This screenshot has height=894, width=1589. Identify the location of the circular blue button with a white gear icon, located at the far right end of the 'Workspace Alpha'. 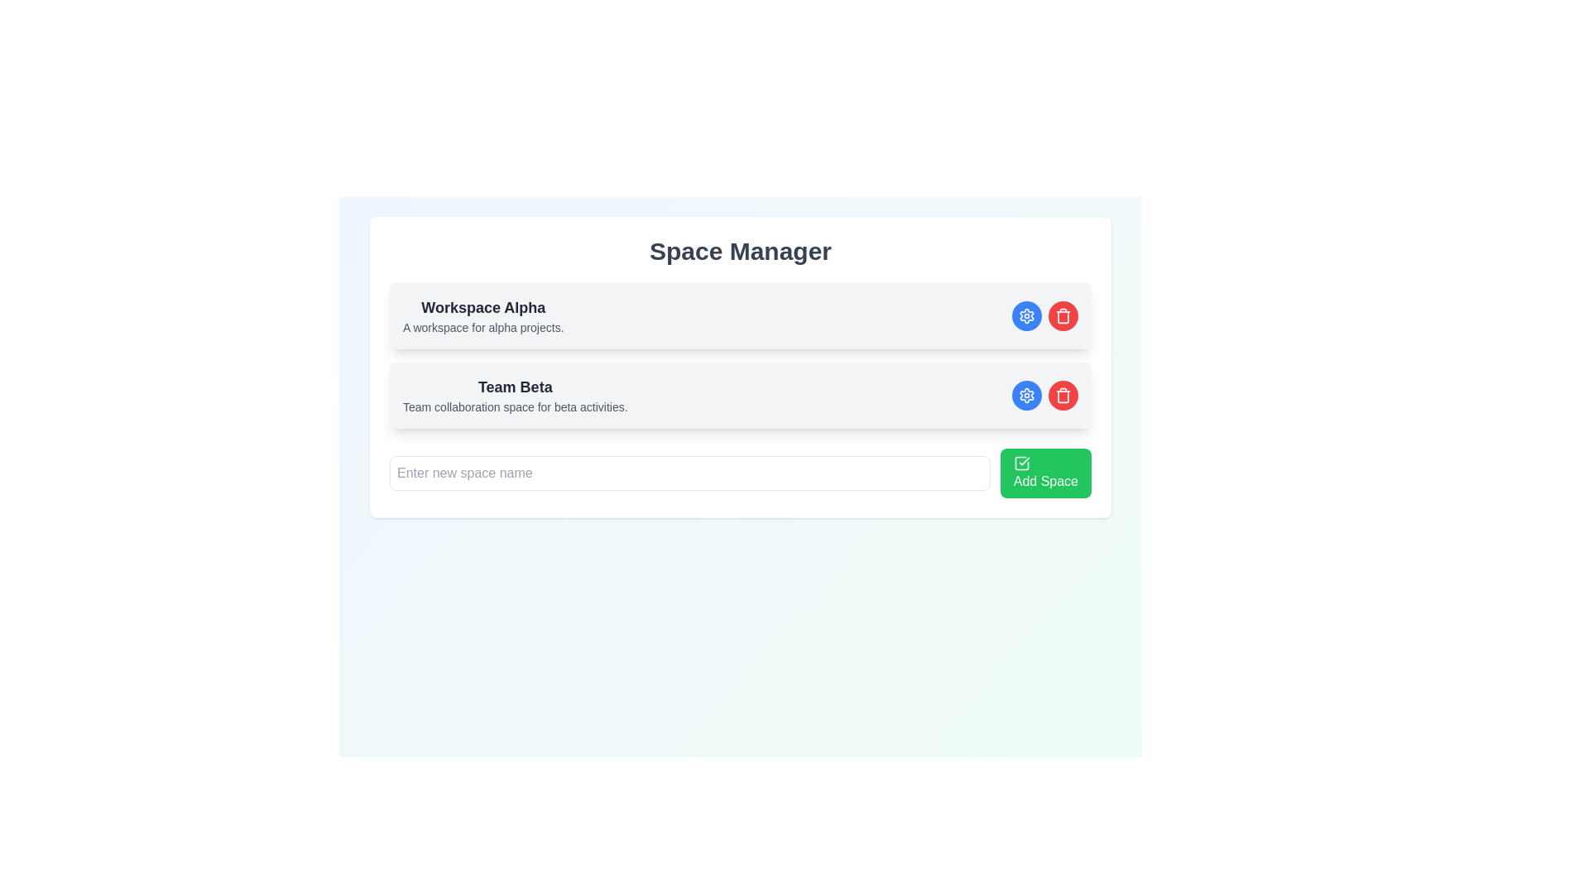
(1026, 315).